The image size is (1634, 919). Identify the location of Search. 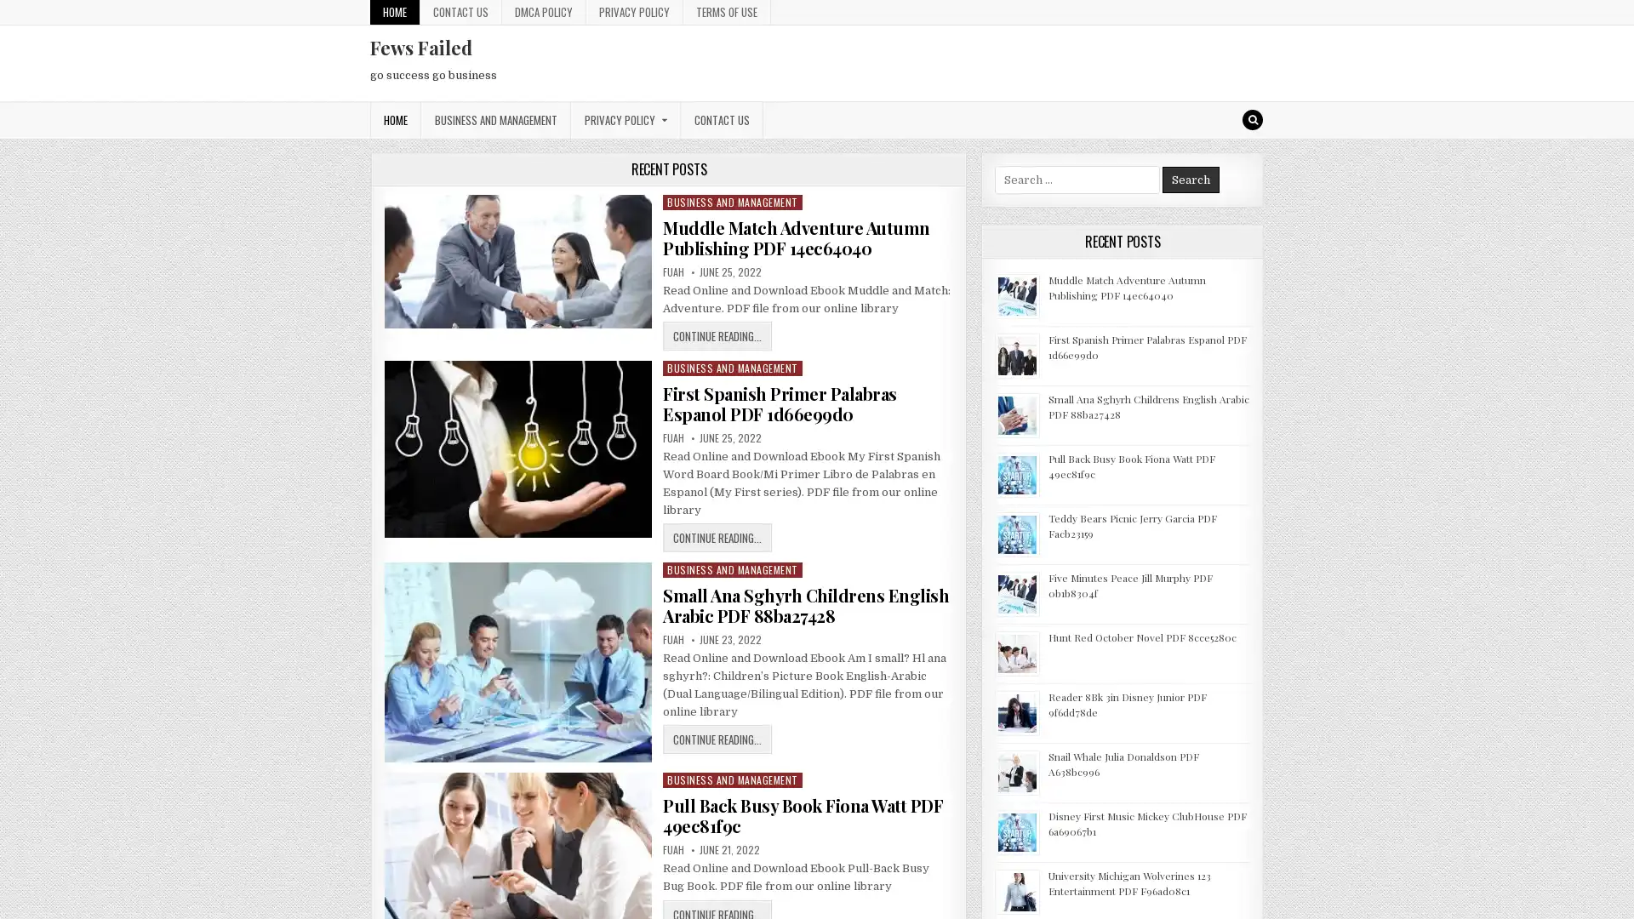
(1190, 180).